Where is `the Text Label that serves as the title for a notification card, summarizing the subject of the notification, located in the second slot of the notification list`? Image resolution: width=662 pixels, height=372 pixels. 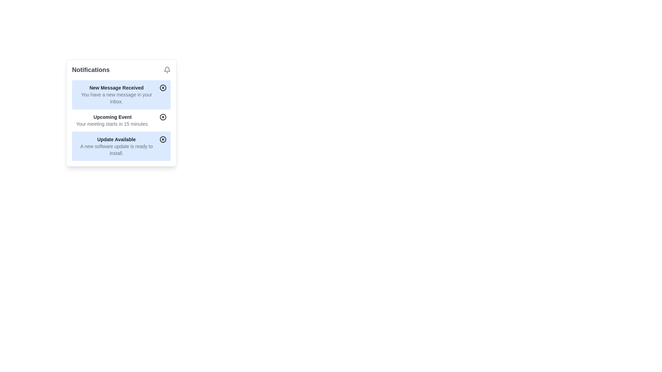
the Text Label that serves as the title for a notification card, summarizing the subject of the notification, located in the second slot of the notification list is located at coordinates (112, 116).